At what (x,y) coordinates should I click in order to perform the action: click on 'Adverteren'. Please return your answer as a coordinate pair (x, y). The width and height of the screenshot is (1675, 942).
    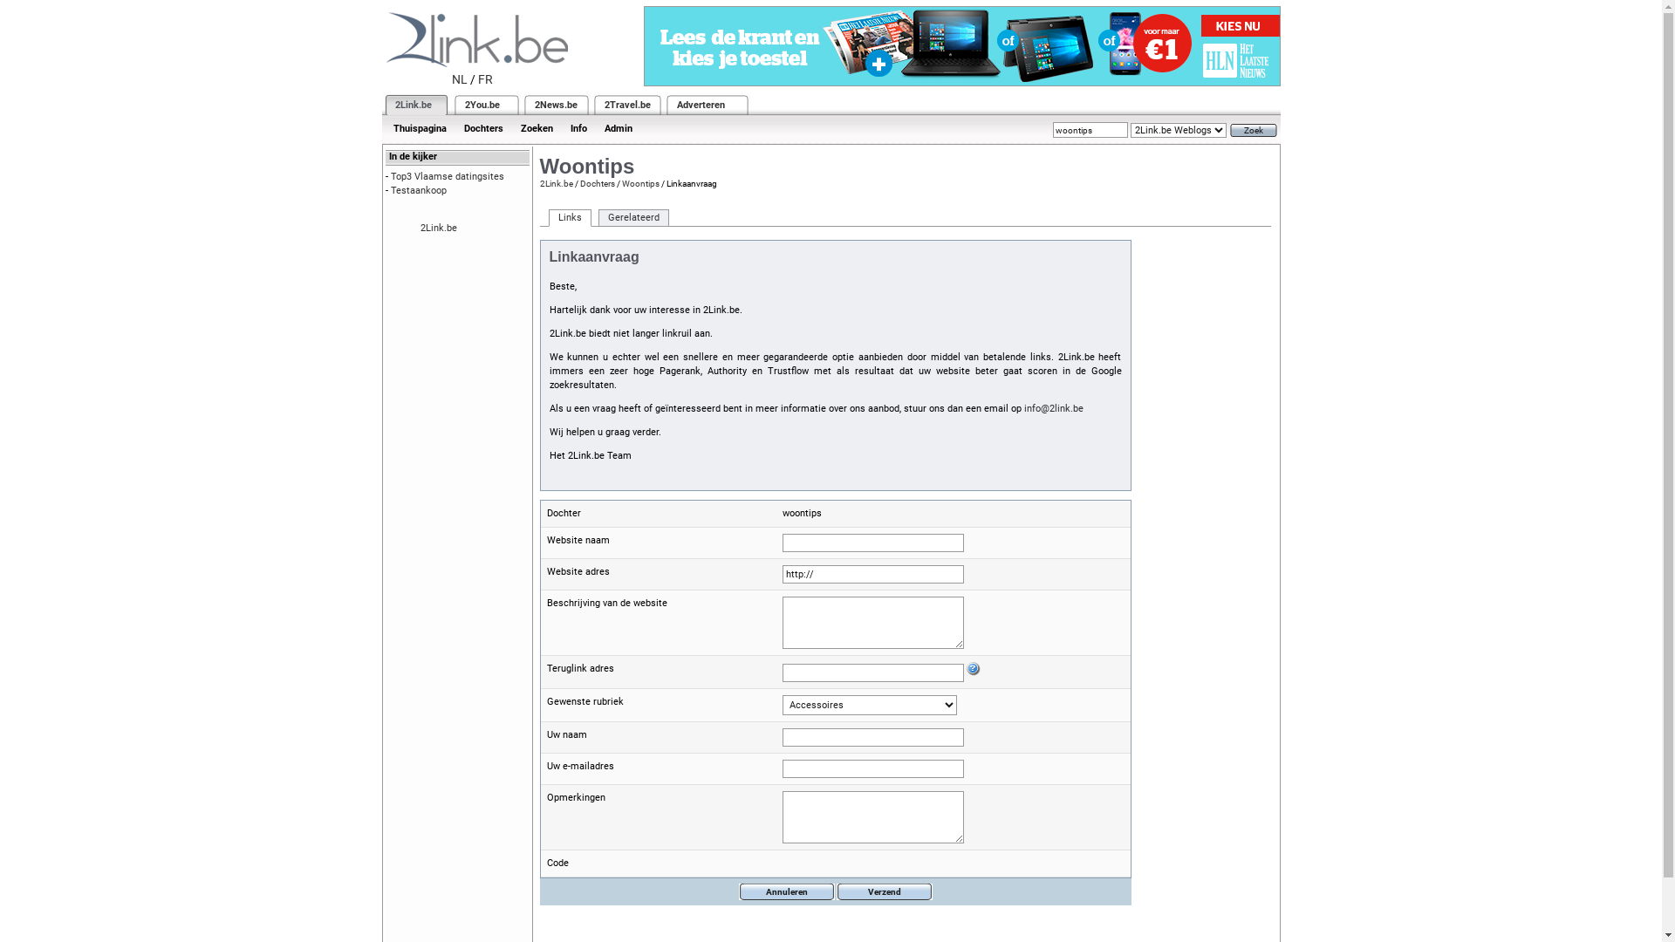
    Looking at the image, I should click on (701, 105).